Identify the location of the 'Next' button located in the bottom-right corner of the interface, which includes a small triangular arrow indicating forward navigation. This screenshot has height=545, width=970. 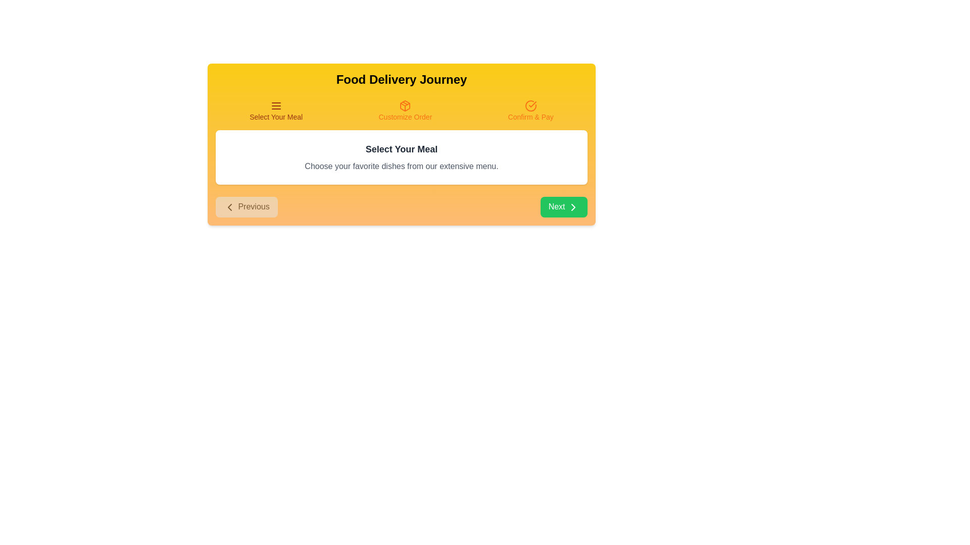
(573, 206).